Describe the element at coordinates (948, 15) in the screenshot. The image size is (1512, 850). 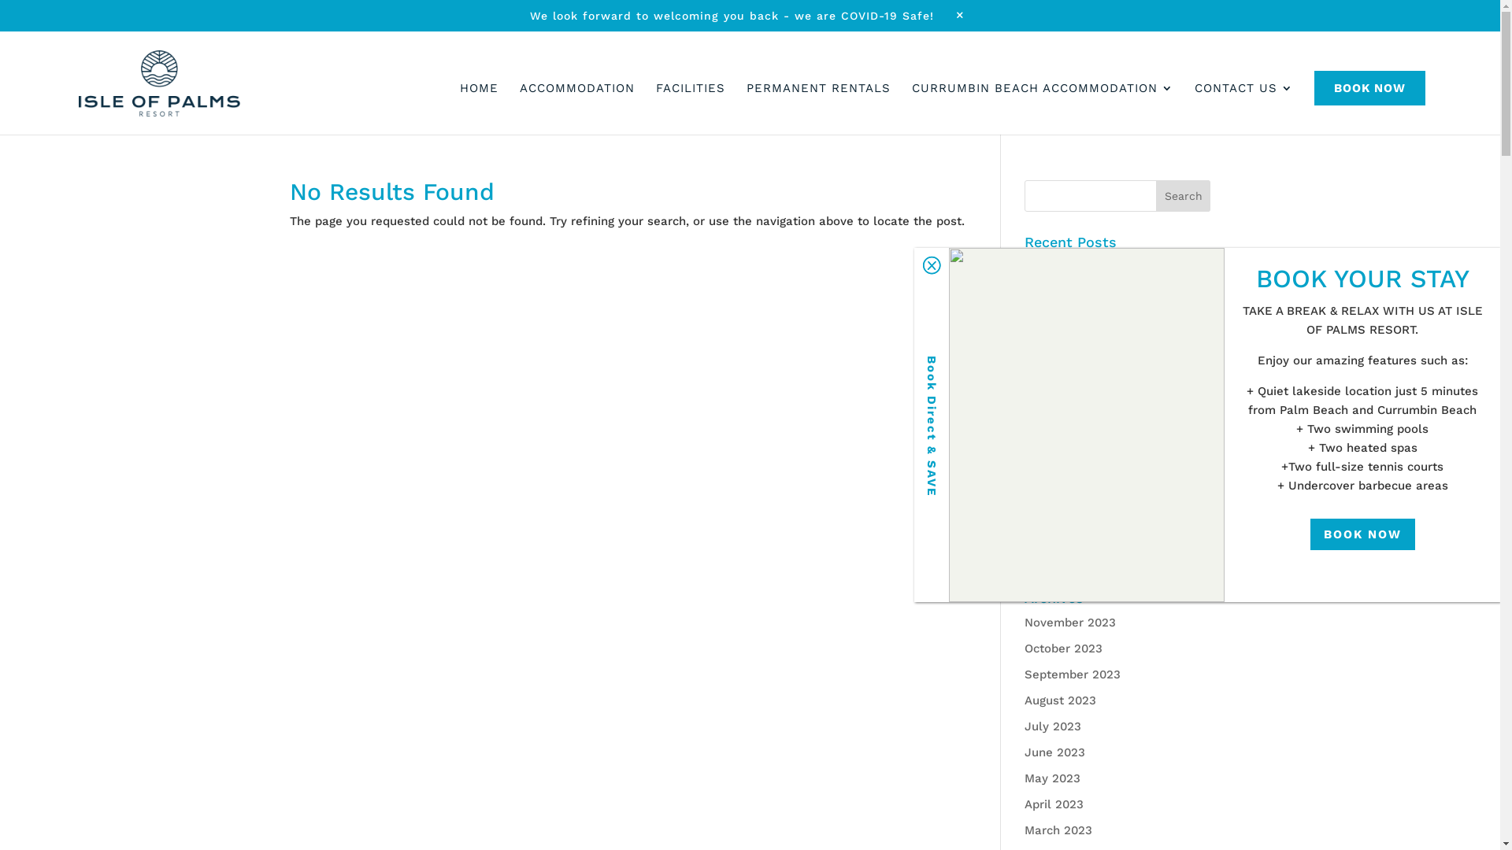
I see `'M'` at that location.